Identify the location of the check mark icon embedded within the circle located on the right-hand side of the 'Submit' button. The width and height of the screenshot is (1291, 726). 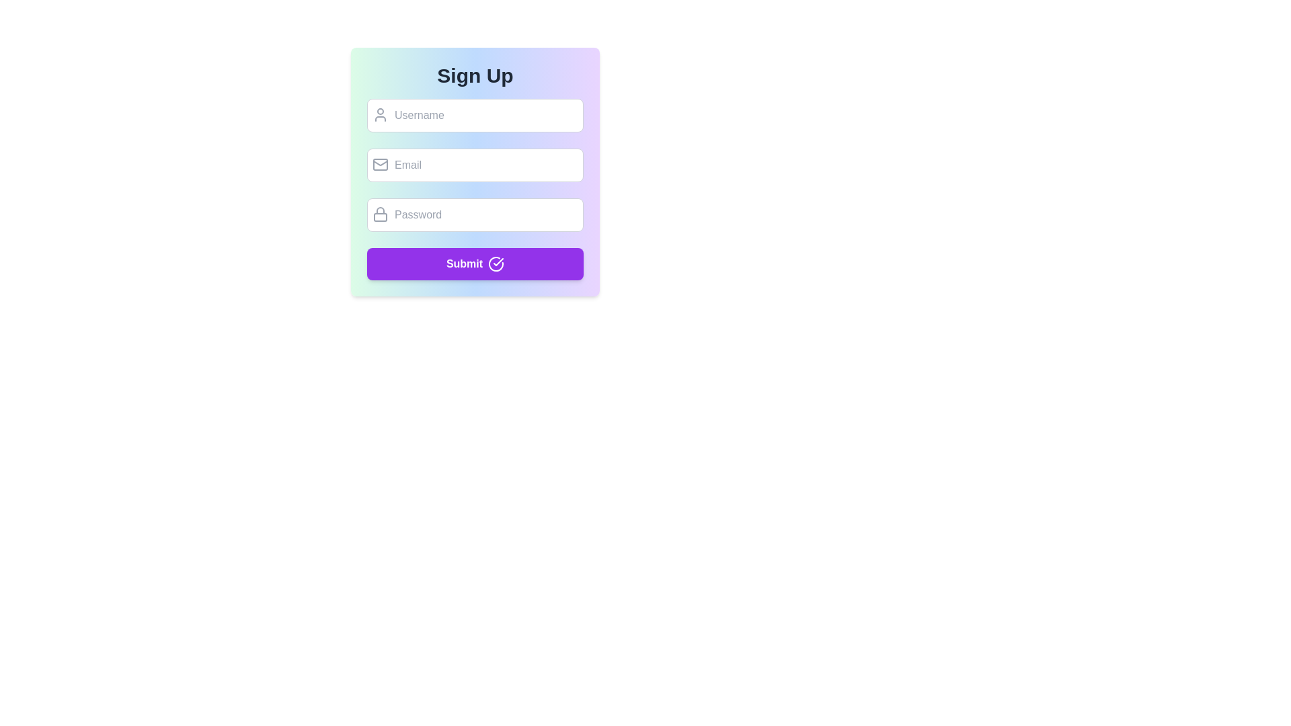
(498, 261).